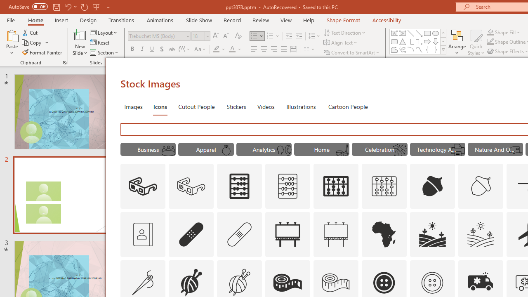  Describe the element at coordinates (160, 106) in the screenshot. I see `'Icons'` at that location.